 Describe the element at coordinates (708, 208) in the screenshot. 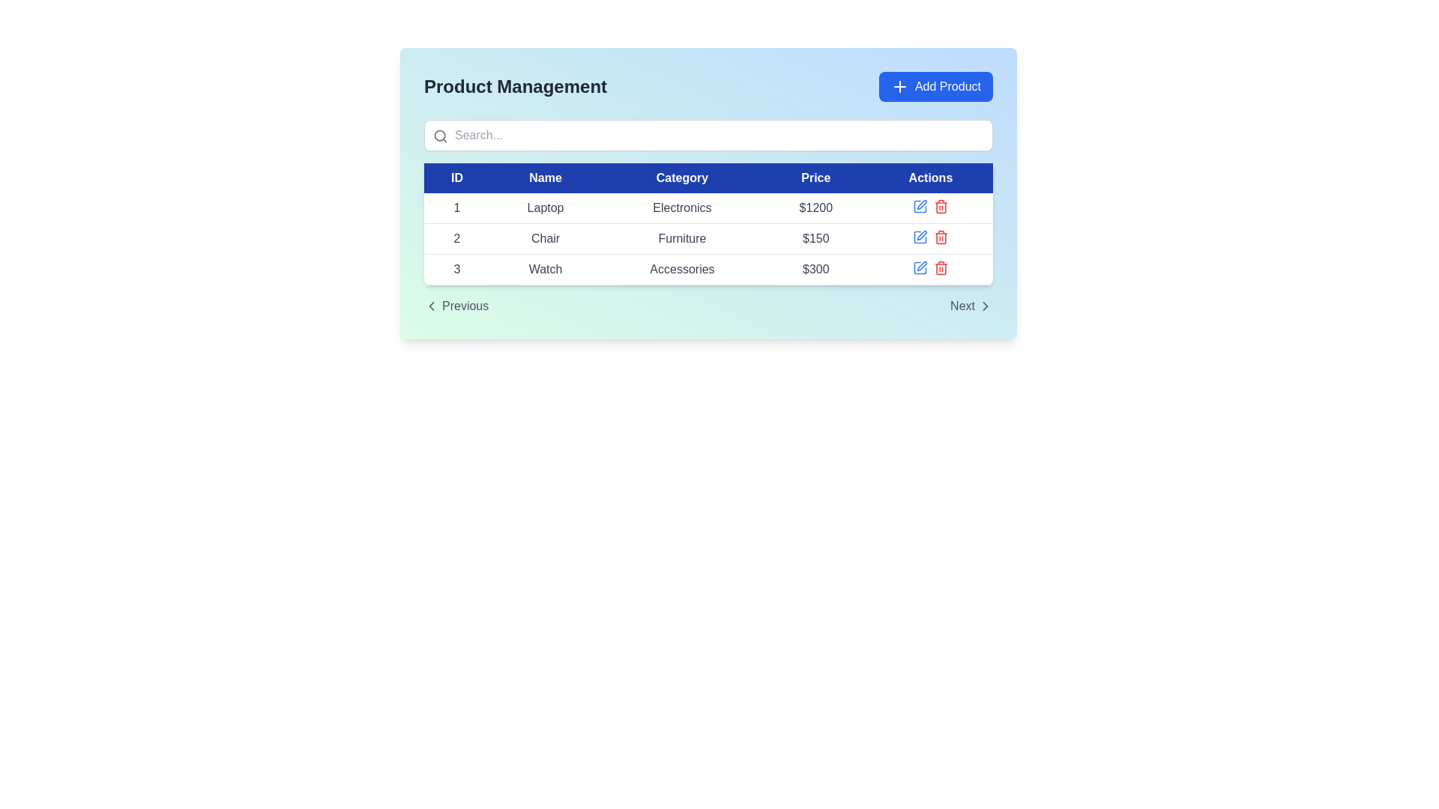

I see `the first row of the data table under 'Product Management' that displays '1', 'Laptop', 'Electronics', '$1200'` at that location.